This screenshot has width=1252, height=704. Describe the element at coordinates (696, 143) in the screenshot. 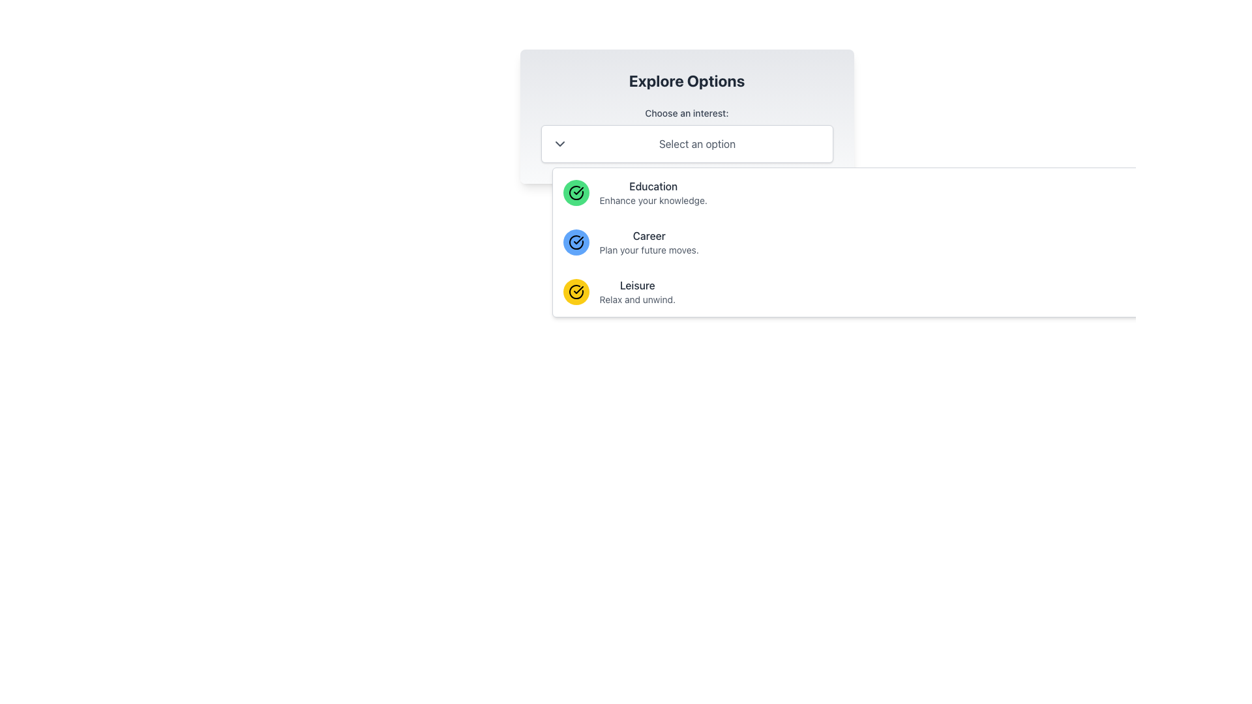

I see `the text label displaying 'Select an option' in the dropdown menu located below the heading 'Explore Options'` at that location.